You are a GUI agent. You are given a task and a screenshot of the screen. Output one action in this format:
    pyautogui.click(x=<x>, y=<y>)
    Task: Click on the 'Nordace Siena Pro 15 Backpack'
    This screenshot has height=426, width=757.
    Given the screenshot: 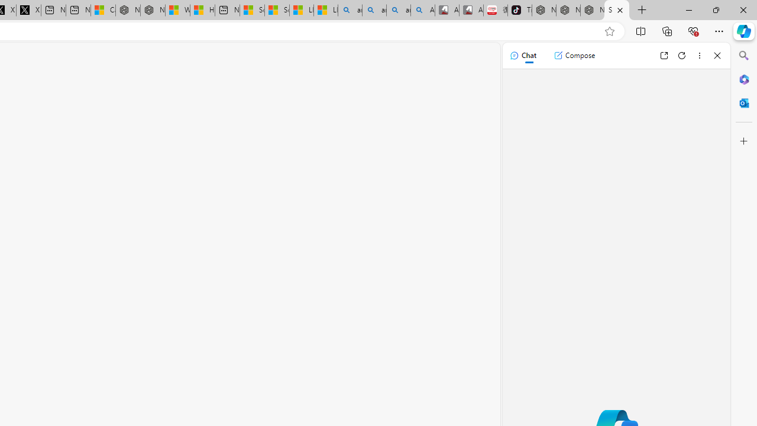 What is the action you would take?
    pyautogui.click(x=568, y=10)
    